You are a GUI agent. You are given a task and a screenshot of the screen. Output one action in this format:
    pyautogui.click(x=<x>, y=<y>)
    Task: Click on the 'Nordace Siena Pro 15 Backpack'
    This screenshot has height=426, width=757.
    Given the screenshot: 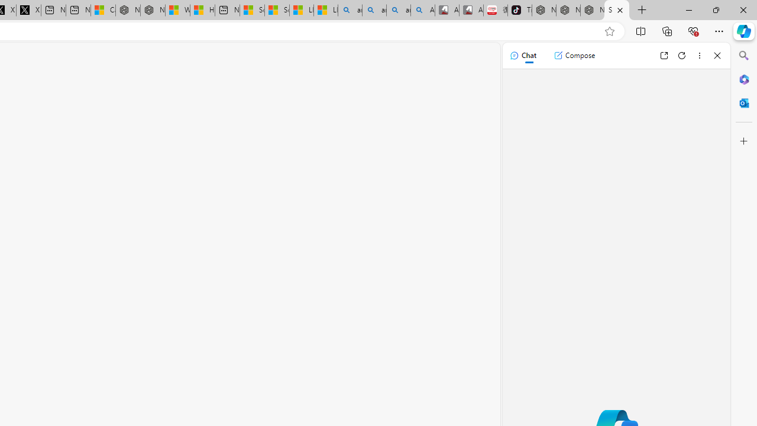 What is the action you would take?
    pyautogui.click(x=568, y=10)
    